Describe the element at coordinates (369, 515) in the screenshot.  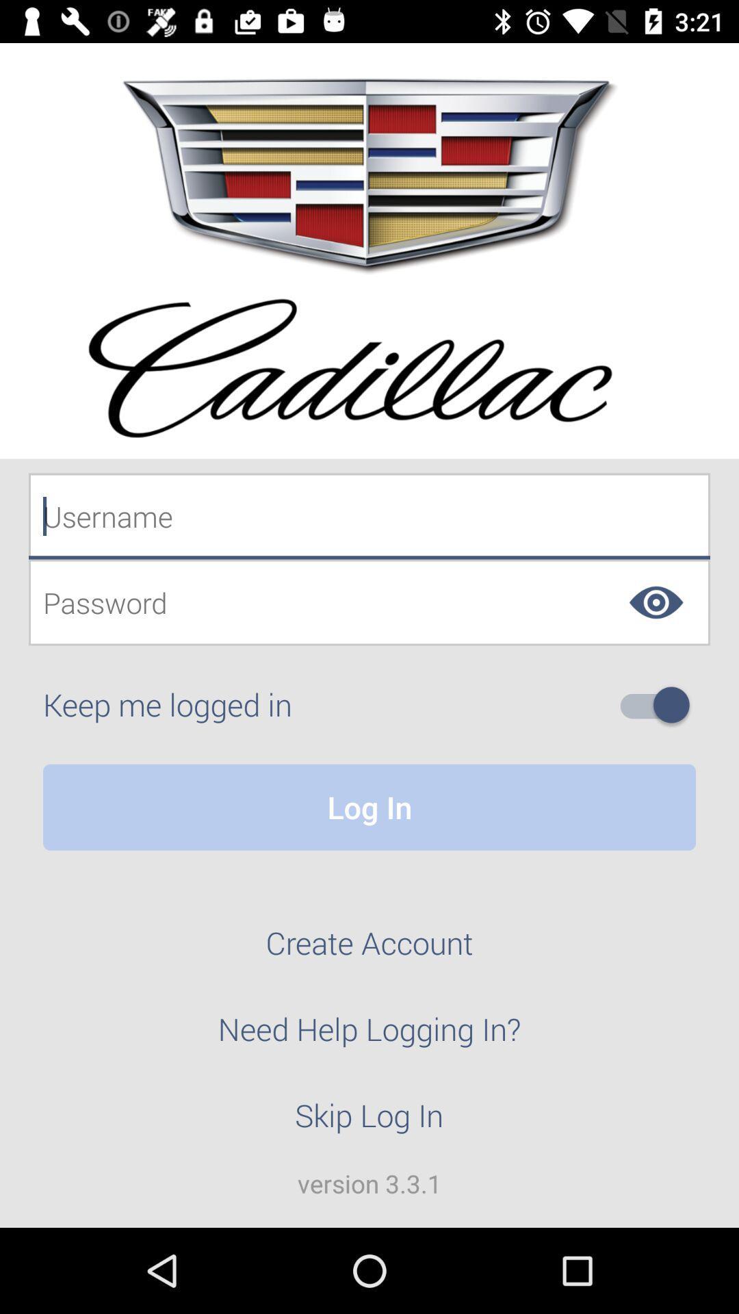
I see `username` at that location.